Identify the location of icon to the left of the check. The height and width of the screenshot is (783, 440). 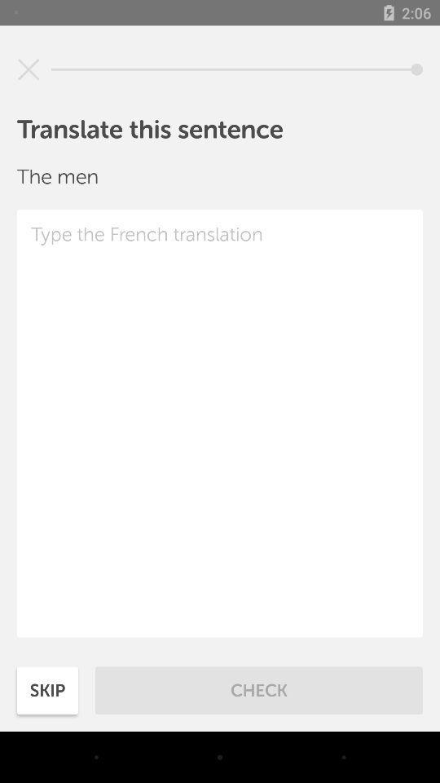
(47, 689).